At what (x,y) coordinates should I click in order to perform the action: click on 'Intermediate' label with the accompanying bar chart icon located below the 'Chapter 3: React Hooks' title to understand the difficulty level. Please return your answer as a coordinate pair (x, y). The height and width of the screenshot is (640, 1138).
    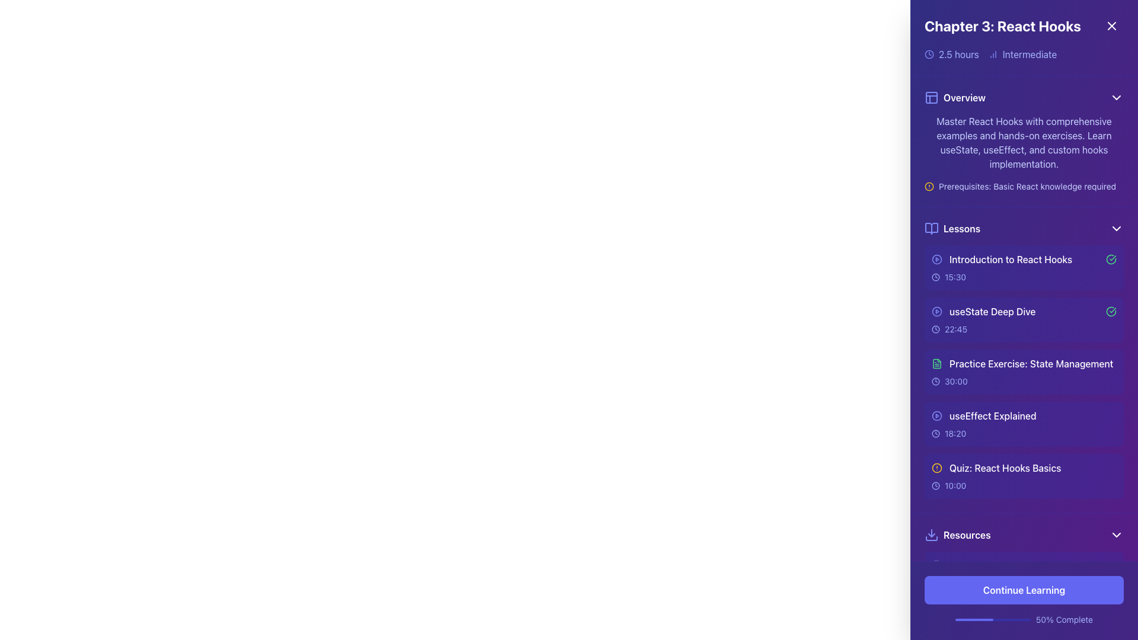
    Looking at the image, I should click on (1022, 55).